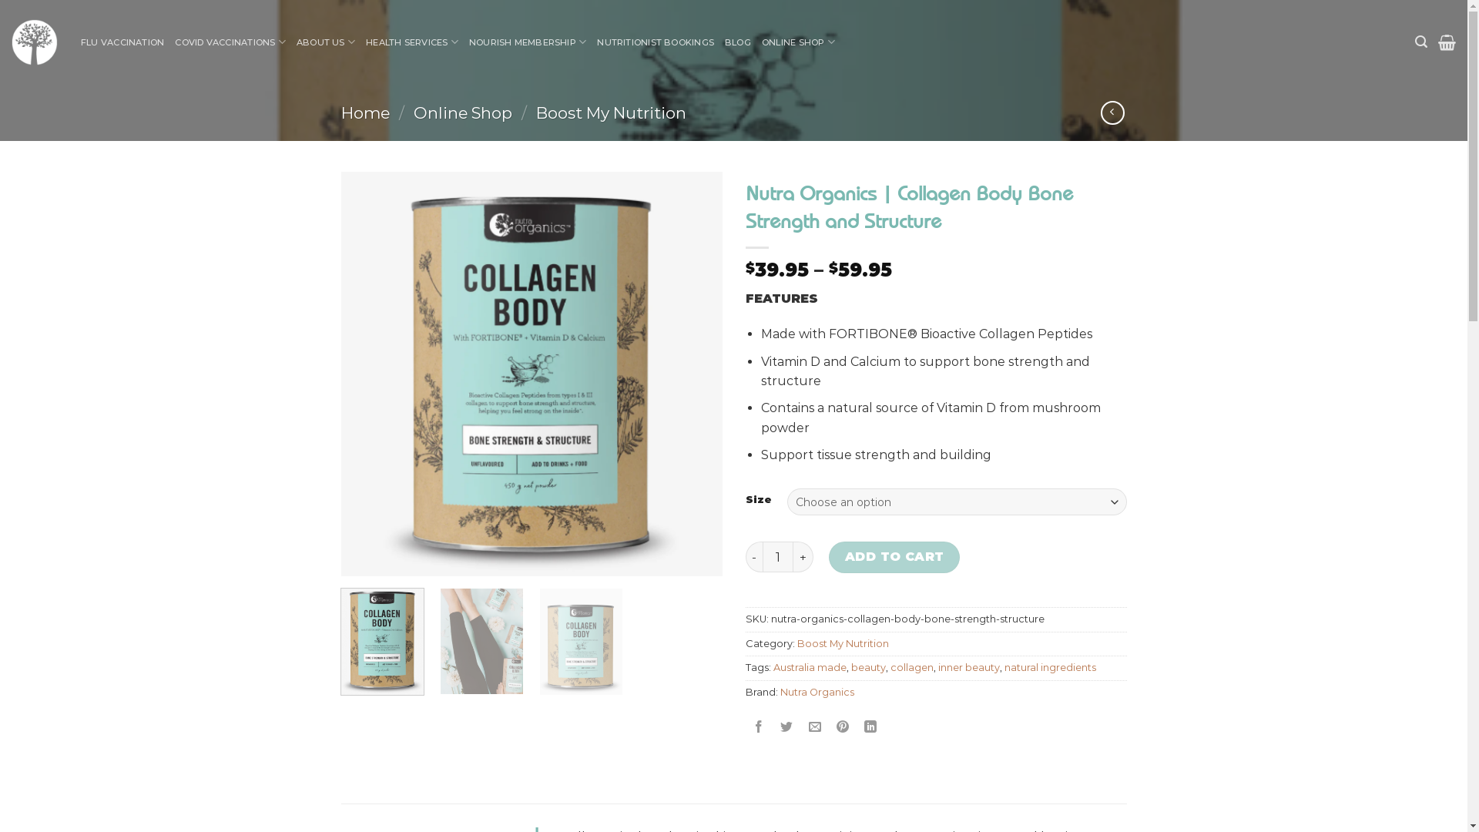 This screenshot has height=832, width=1479. What do you see at coordinates (968, 666) in the screenshot?
I see `'inner beauty'` at bounding box center [968, 666].